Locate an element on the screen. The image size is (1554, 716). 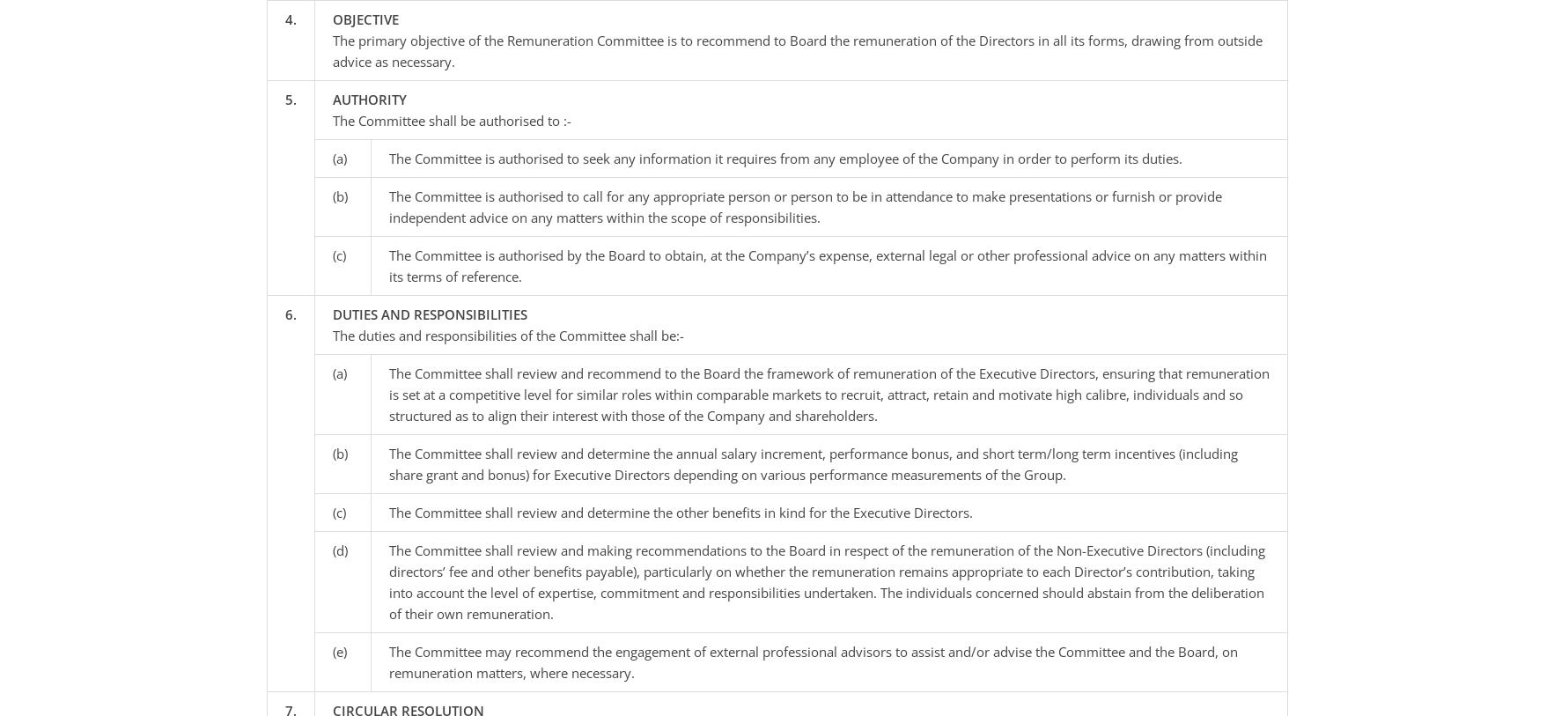
'6.' is located at coordinates (289, 313).